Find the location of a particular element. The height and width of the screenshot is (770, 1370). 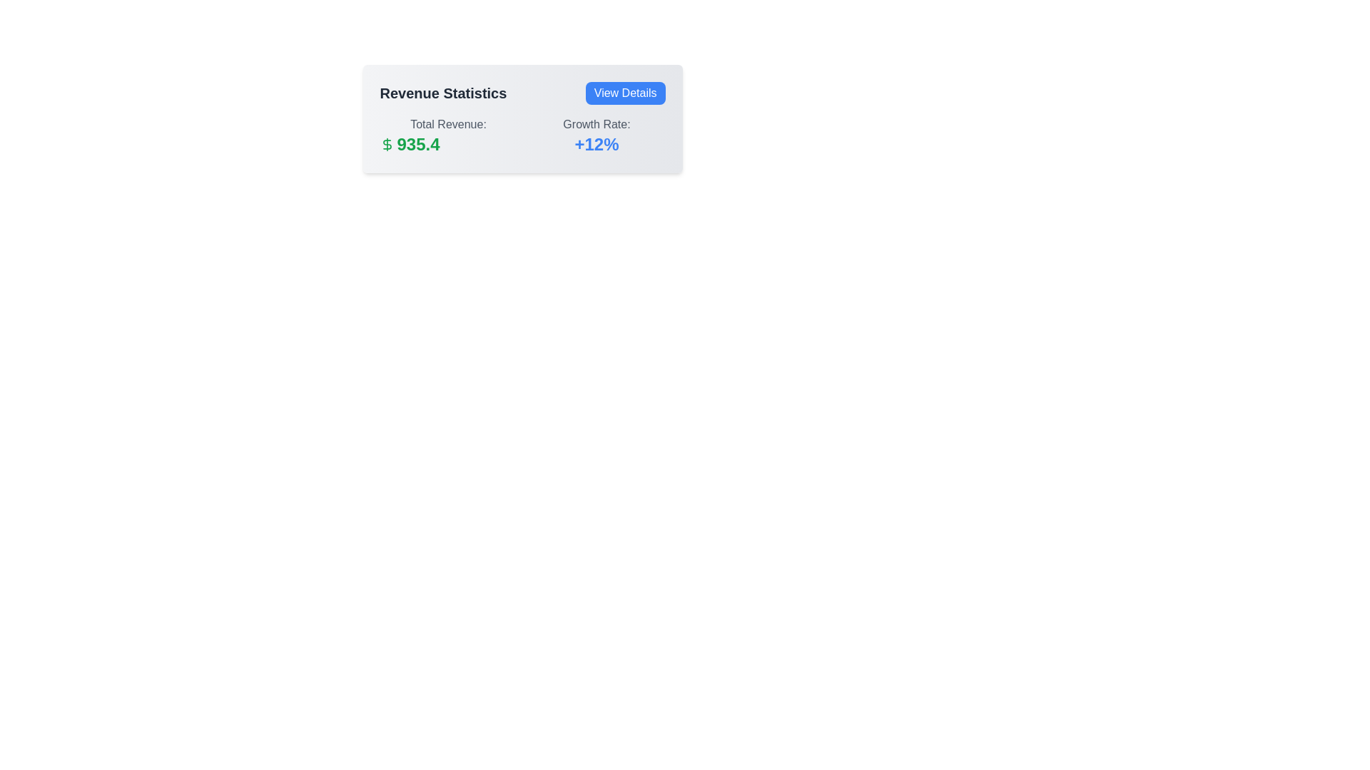

the green dollar sign SVG icon located to the left of the numeric value 935.4 in the 'Total Revenue' section of the 'Revenue Statistics' card is located at coordinates (387, 145).